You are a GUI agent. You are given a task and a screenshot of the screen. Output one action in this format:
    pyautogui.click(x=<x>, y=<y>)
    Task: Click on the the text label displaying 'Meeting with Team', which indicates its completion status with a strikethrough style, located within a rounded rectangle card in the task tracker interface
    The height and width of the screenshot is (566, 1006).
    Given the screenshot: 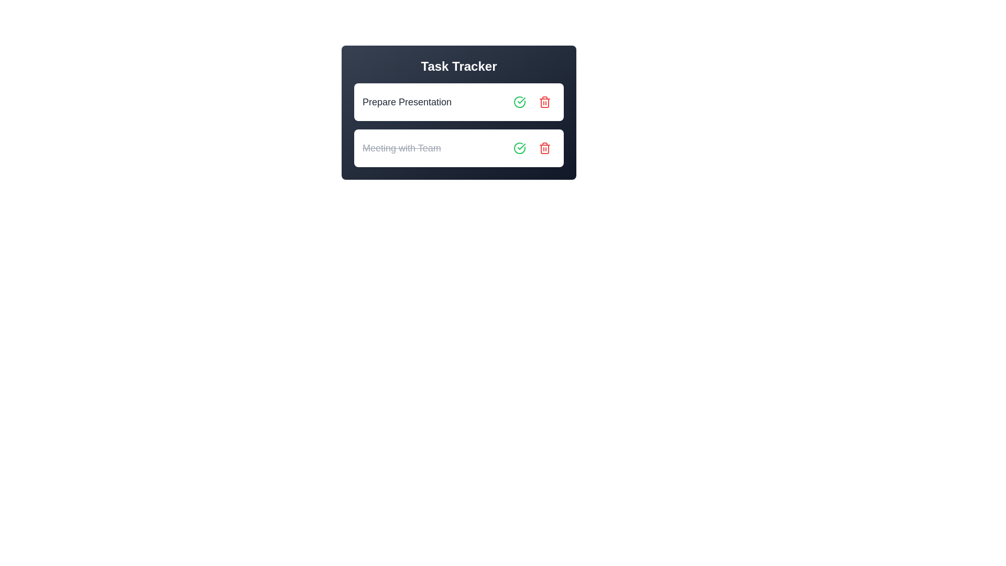 What is the action you would take?
    pyautogui.click(x=401, y=148)
    